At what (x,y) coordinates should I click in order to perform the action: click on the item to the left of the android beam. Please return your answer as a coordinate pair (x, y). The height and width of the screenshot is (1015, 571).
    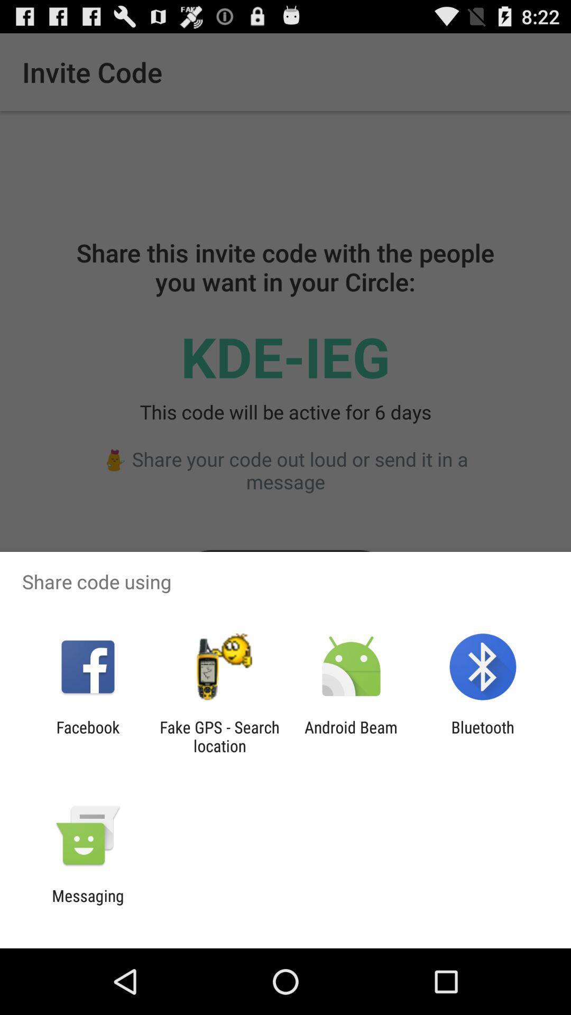
    Looking at the image, I should click on (219, 736).